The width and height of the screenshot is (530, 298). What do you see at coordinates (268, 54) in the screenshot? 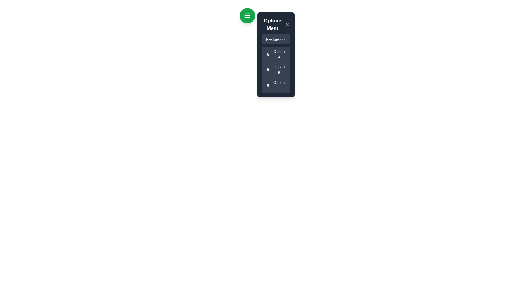
I see `the small dark blue-gray hash symbol icon, styled with bold lines and rounded edges, located` at bounding box center [268, 54].